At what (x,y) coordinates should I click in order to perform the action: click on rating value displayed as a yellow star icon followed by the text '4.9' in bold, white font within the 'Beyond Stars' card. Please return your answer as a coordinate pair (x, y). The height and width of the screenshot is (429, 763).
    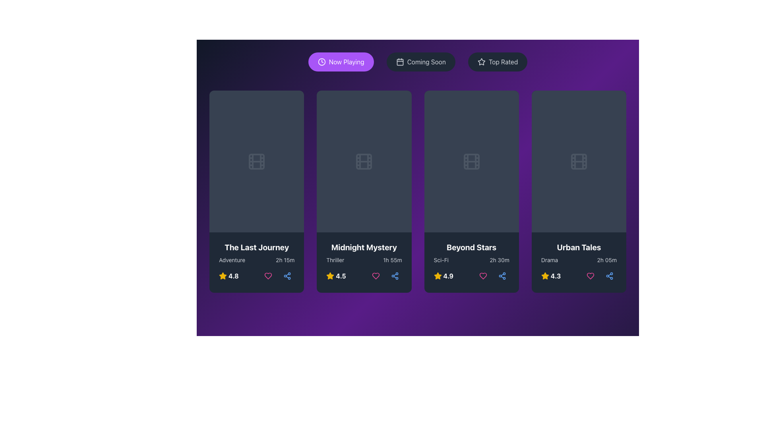
    Looking at the image, I should click on (443, 276).